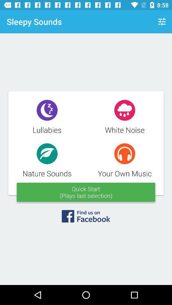 Image resolution: width=172 pixels, height=305 pixels. Describe the element at coordinates (162, 22) in the screenshot. I see `the icon to the right of the sleepy sounds item` at that location.